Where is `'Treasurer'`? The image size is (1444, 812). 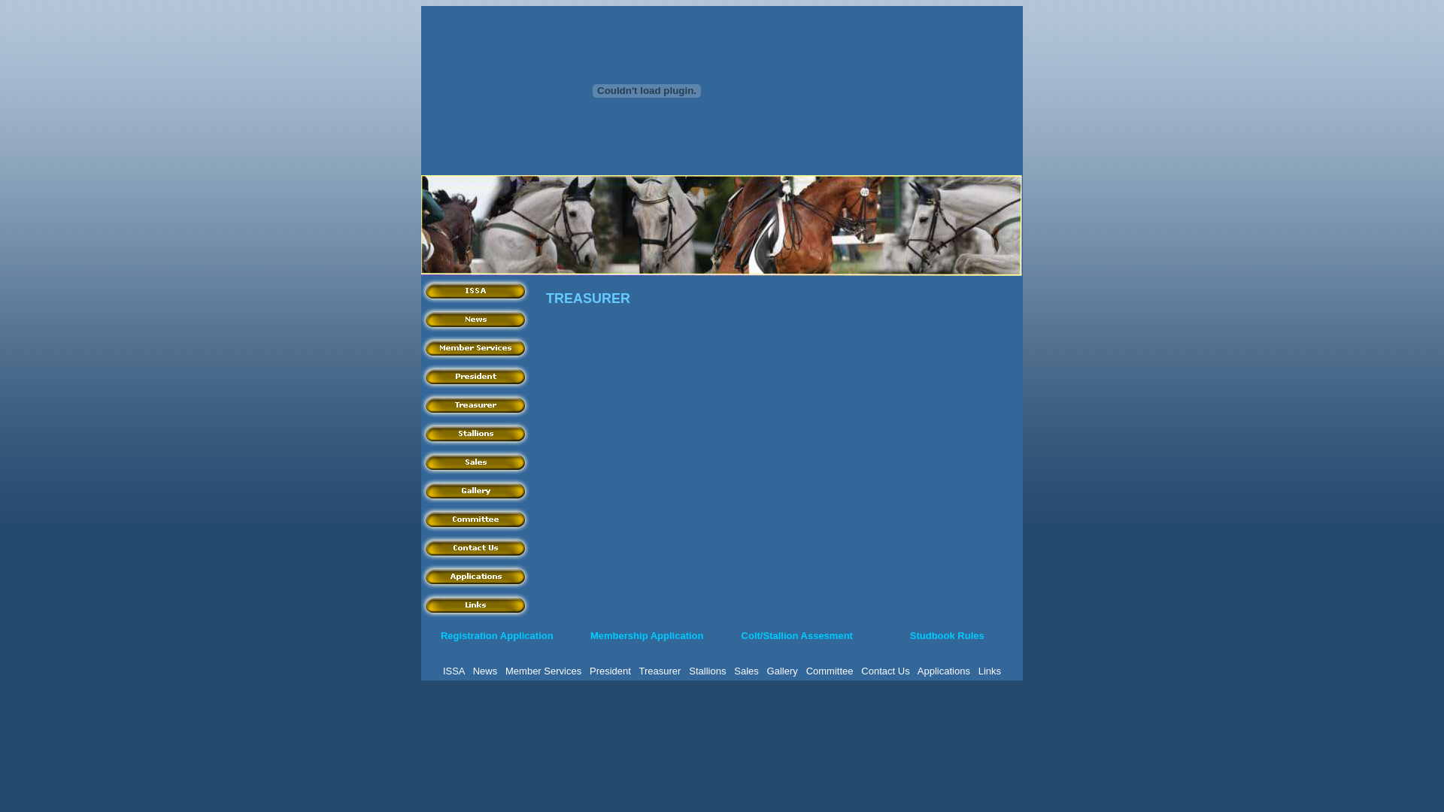
'Treasurer' is located at coordinates (639, 670).